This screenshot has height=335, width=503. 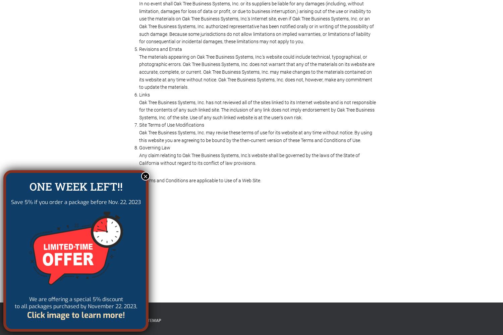 I want to click on 'Oak Tree Business Systems, Inc. may revise these terms of use for its website at any time without notice. By using this website you are agreeing to be bound by the then-current version of these Terms and Conditions of Use.', so click(x=256, y=136).